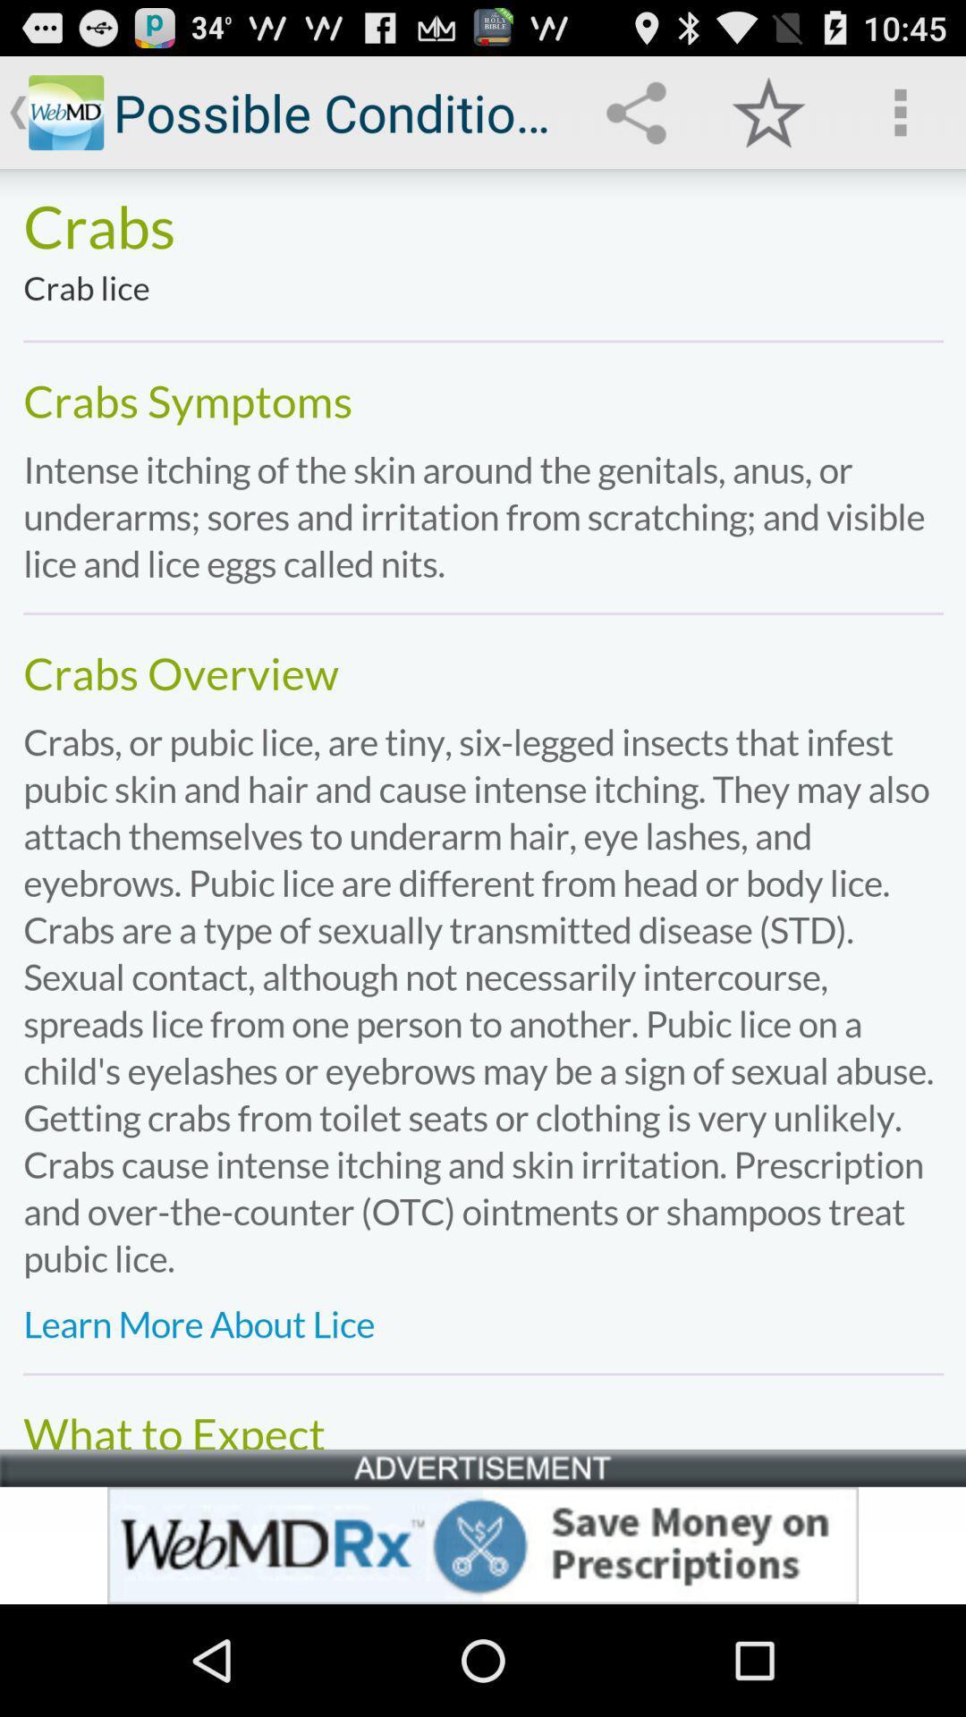  I want to click on condition description box, so click(483, 808).